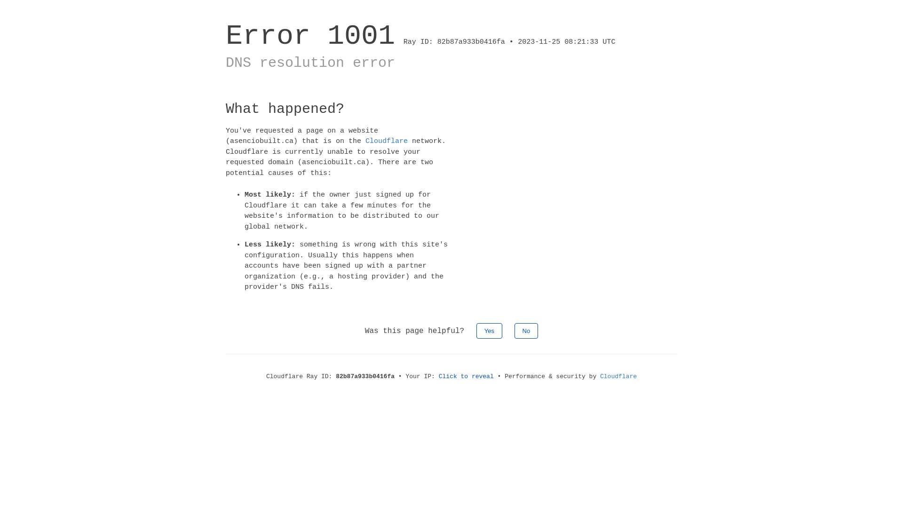 The height and width of the screenshot is (508, 903). I want to click on 'No', so click(526, 330).